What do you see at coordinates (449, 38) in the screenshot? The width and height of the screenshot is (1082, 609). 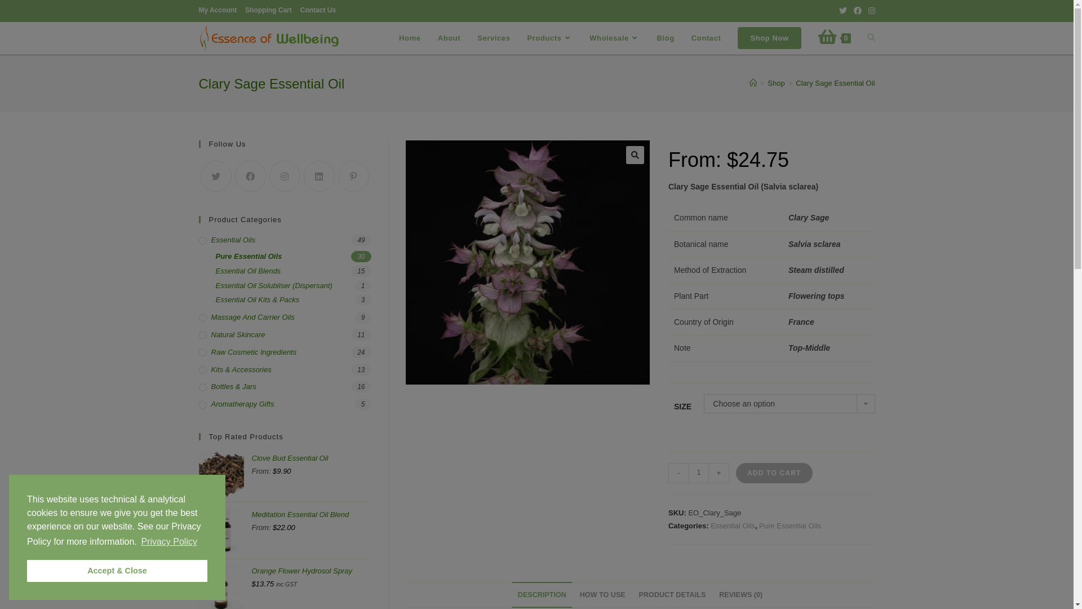 I see `'About'` at bounding box center [449, 38].